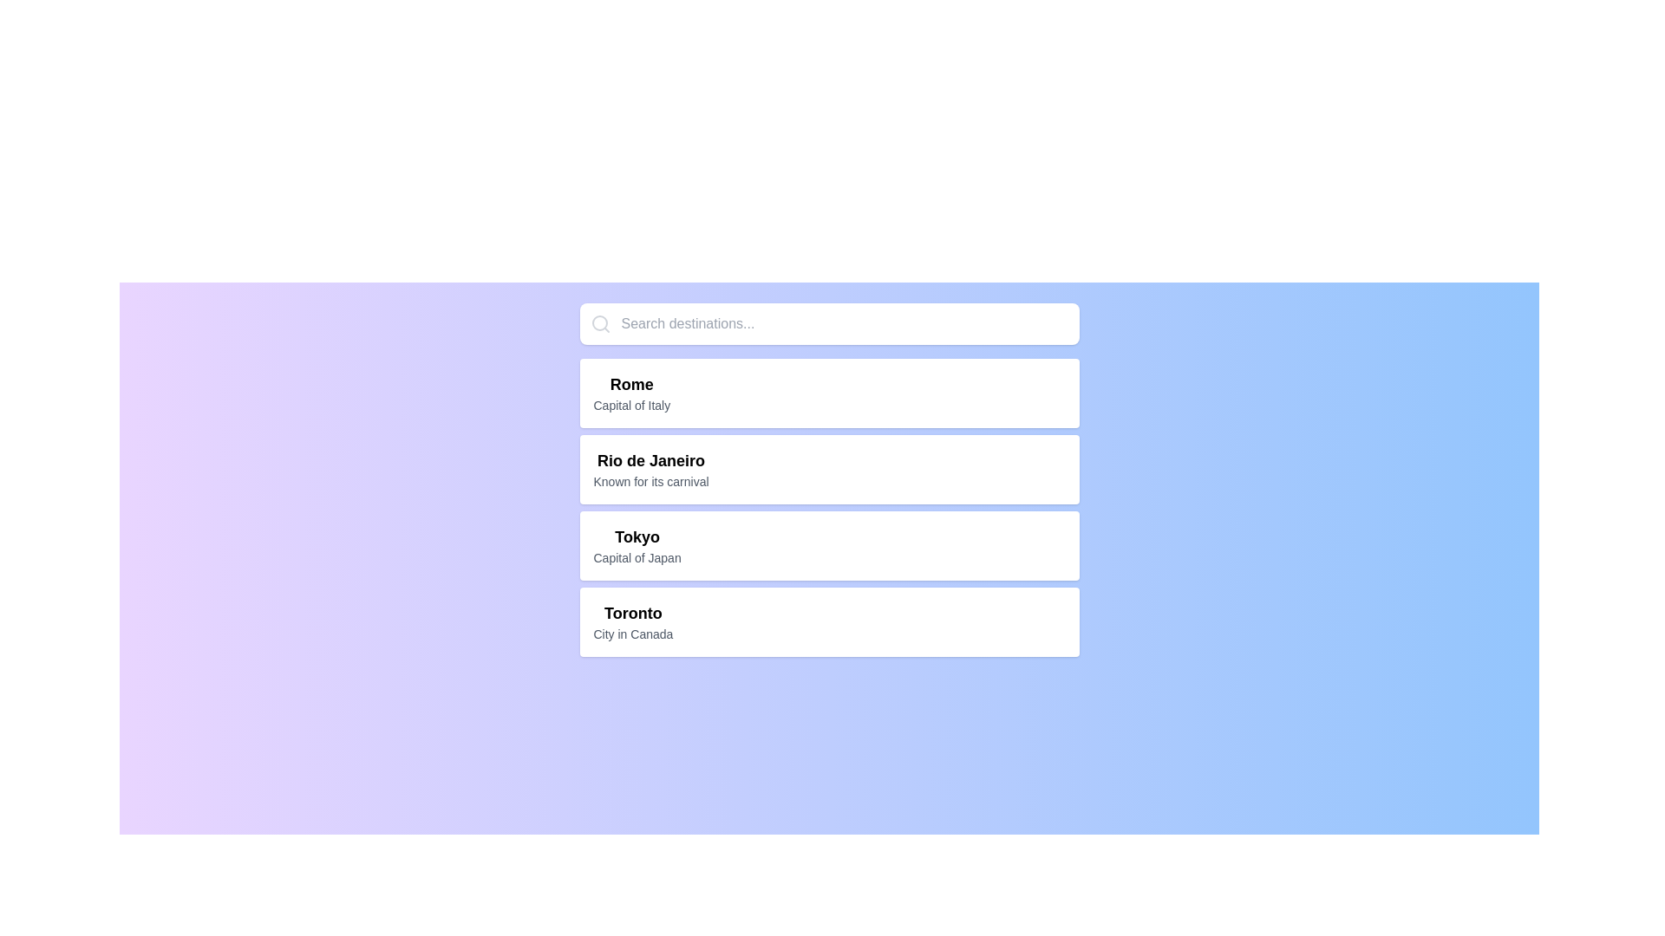 The image size is (1665, 936). What do you see at coordinates (637, 544) in the screenshot?
I see `the Text Information Panel located below 'Rio de Janeiro' and above 'Toronto', which provides the name of a destination and its descriptive subtitle` at bounding box center [637, 544].